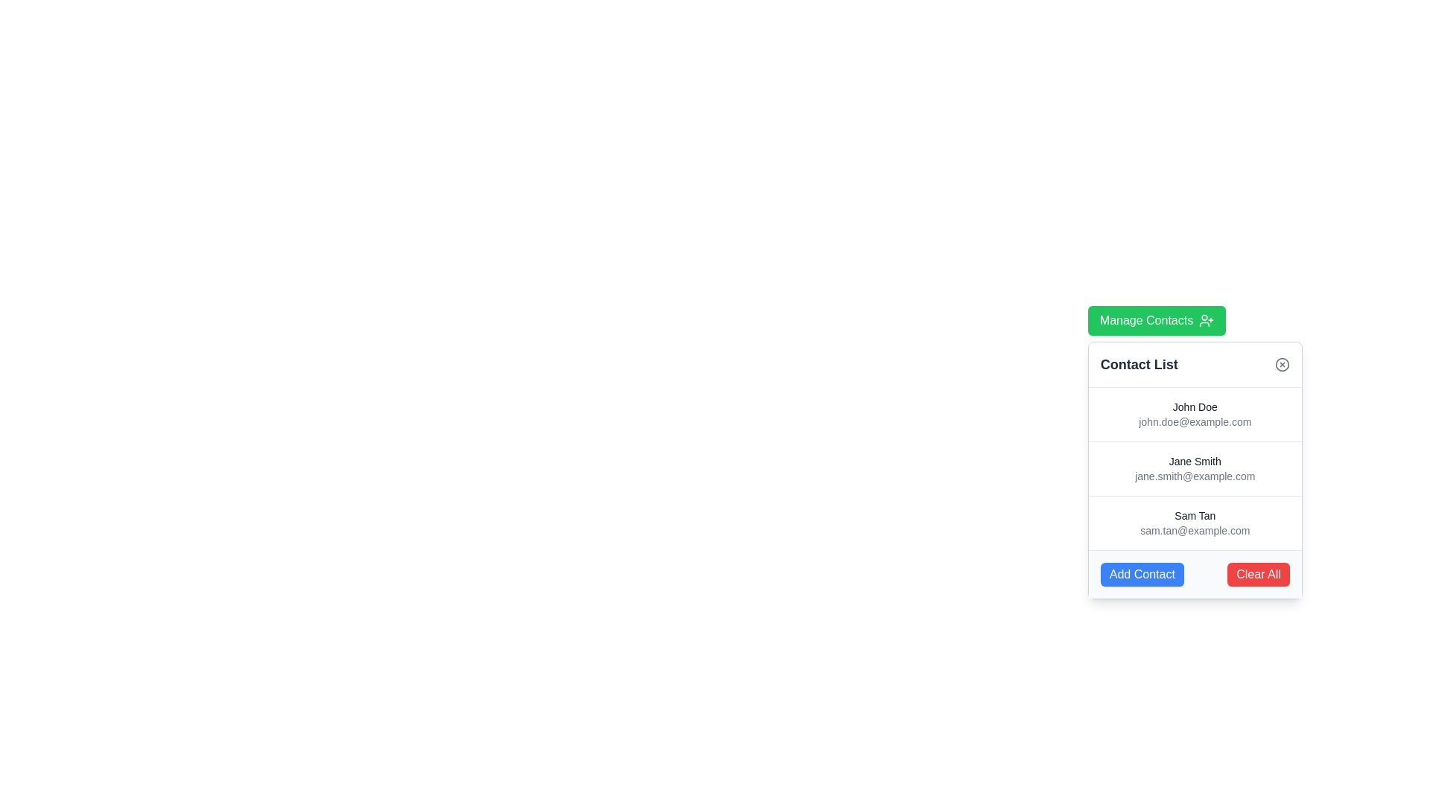 The width and height of the screenshot is (1430, 804). What do you see at coordinates (1257, 573) in the screenshot?
I see `the 'Clear All' button with a red background and white text` at bounding box center [1257, 573].